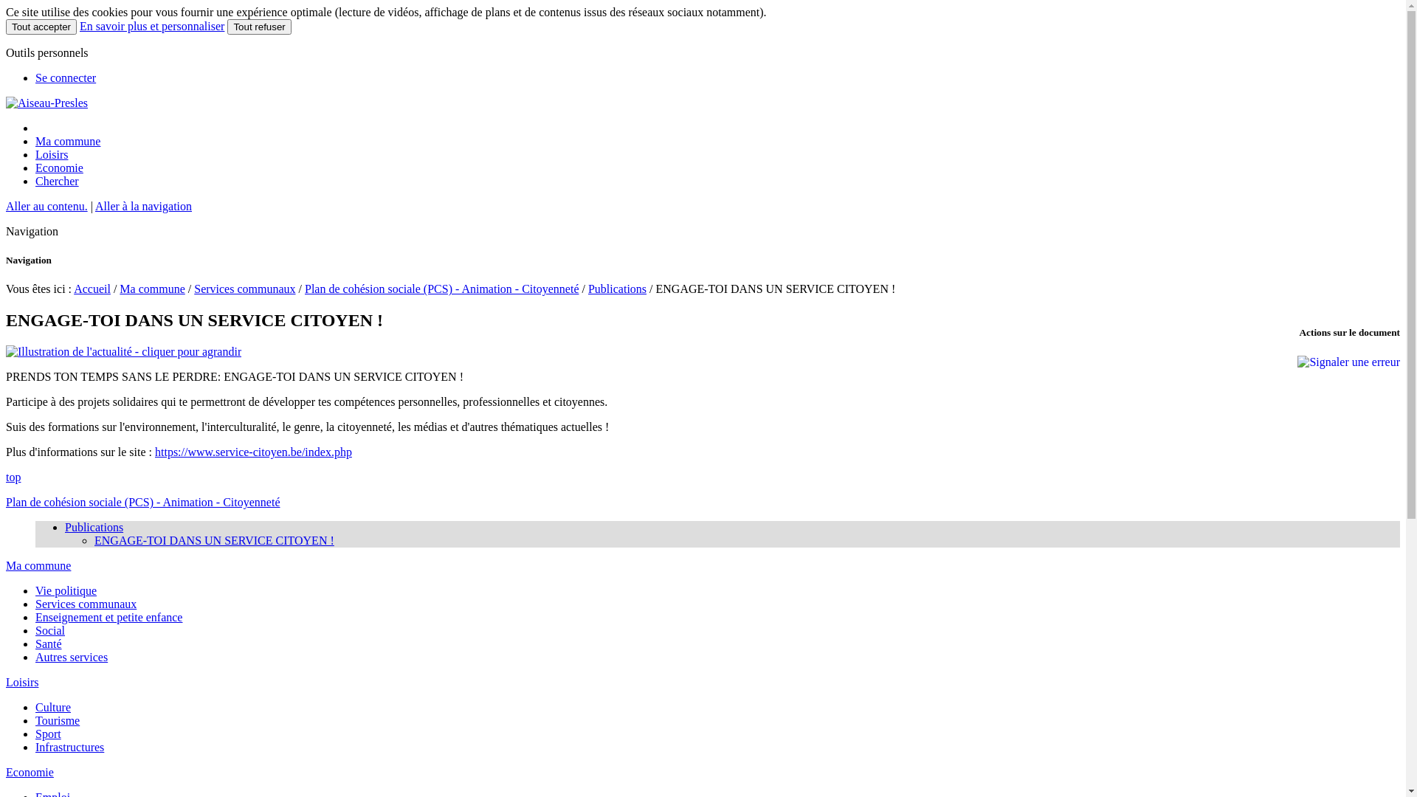 The width and height of the screenshot is (1417, 797). Describe the element at coordinates (152, 26) in the screenshot. I see `'En savoir plus et personnaliser'` at that location.